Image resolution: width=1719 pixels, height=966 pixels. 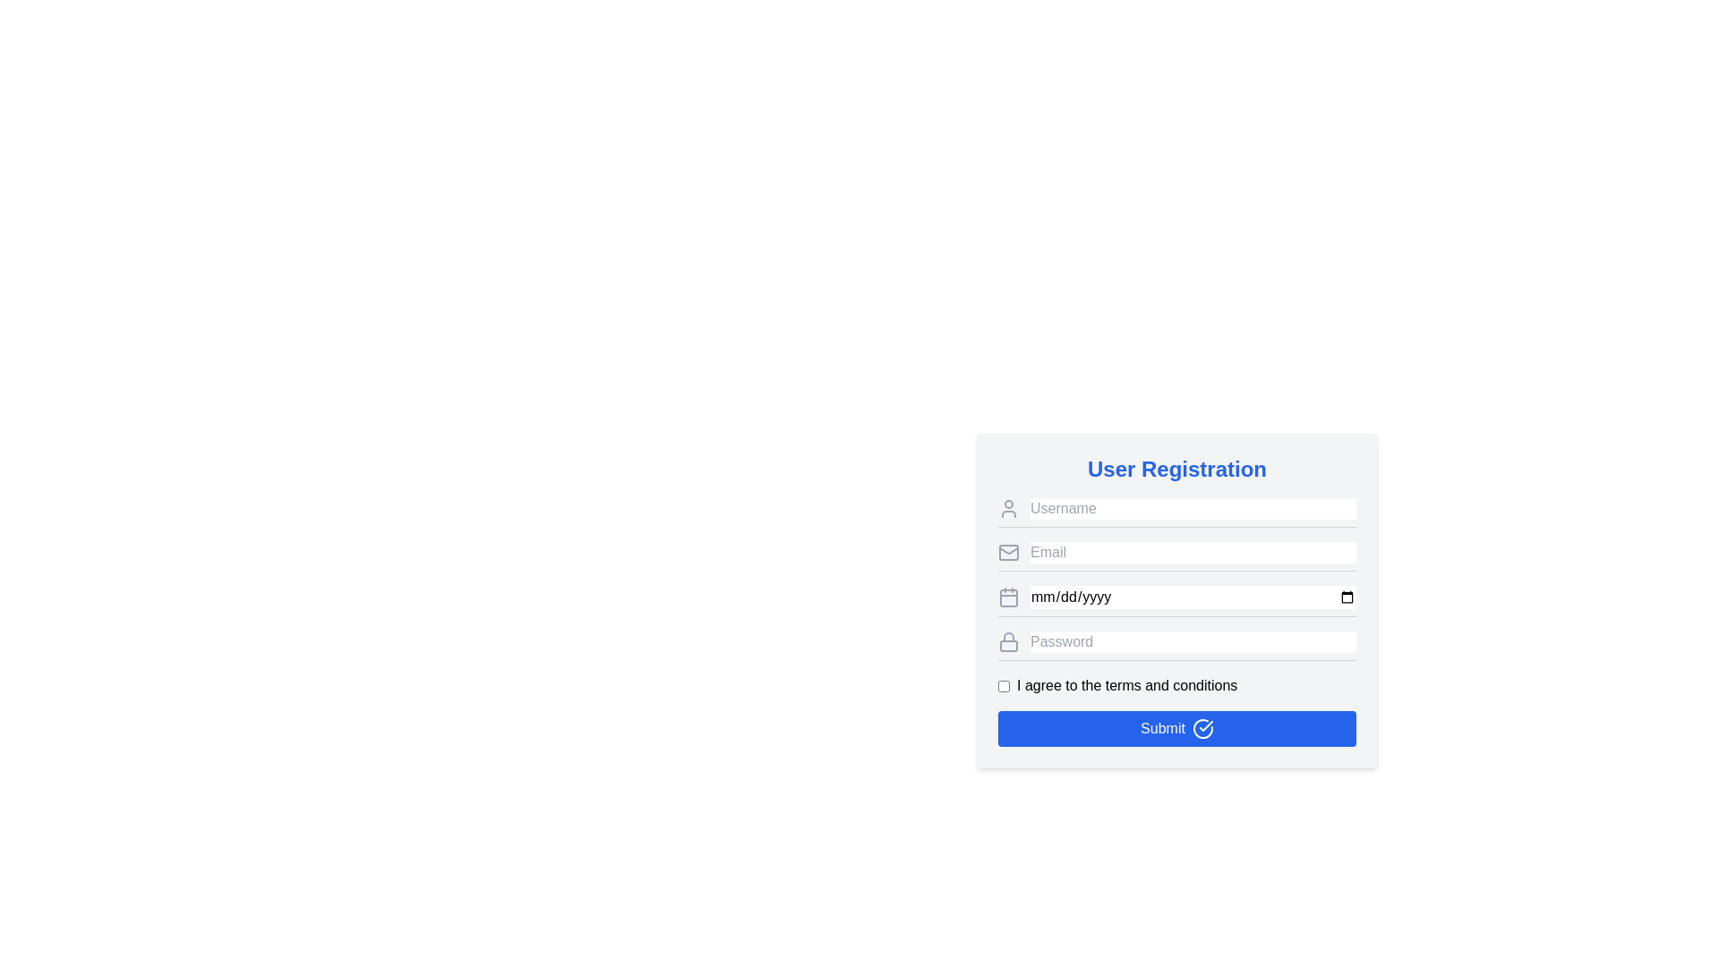 What do you see at coordinates (1009, 509) in the screenshot?
I see `the username icon located to the left of the 'Username' text input field` at bounding box center [1009, 509].